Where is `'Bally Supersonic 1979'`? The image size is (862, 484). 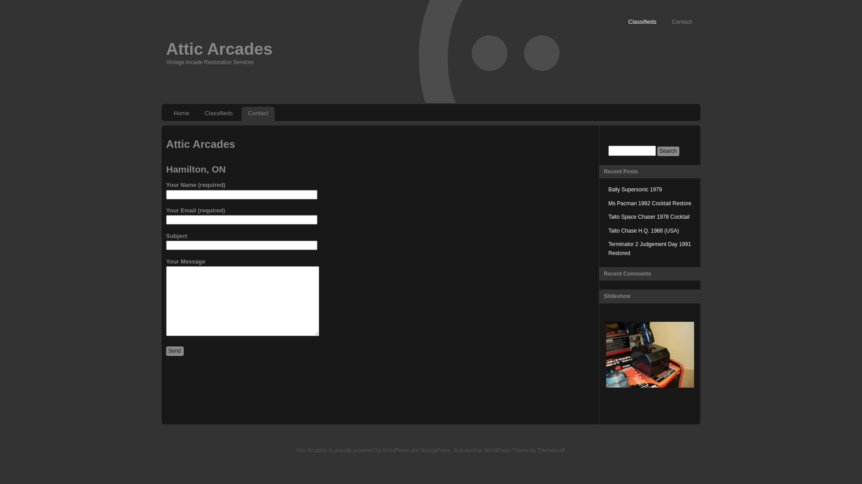 'Bally Supersonic 1979' is located at coordinates (634, 189).